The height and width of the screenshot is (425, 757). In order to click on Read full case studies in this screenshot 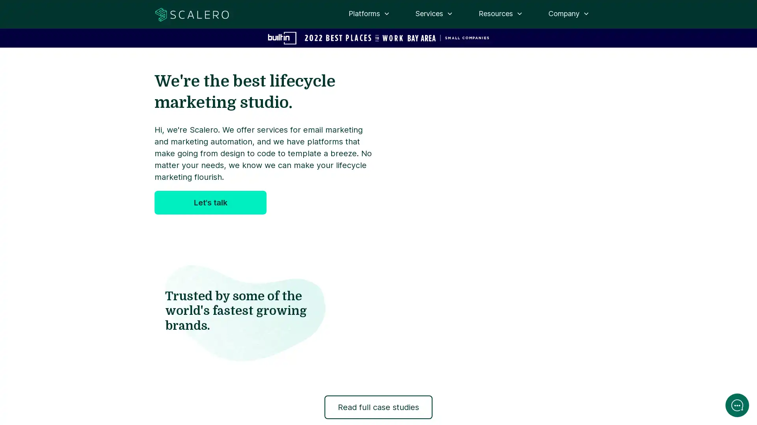, I will do `click(378, 407)`.